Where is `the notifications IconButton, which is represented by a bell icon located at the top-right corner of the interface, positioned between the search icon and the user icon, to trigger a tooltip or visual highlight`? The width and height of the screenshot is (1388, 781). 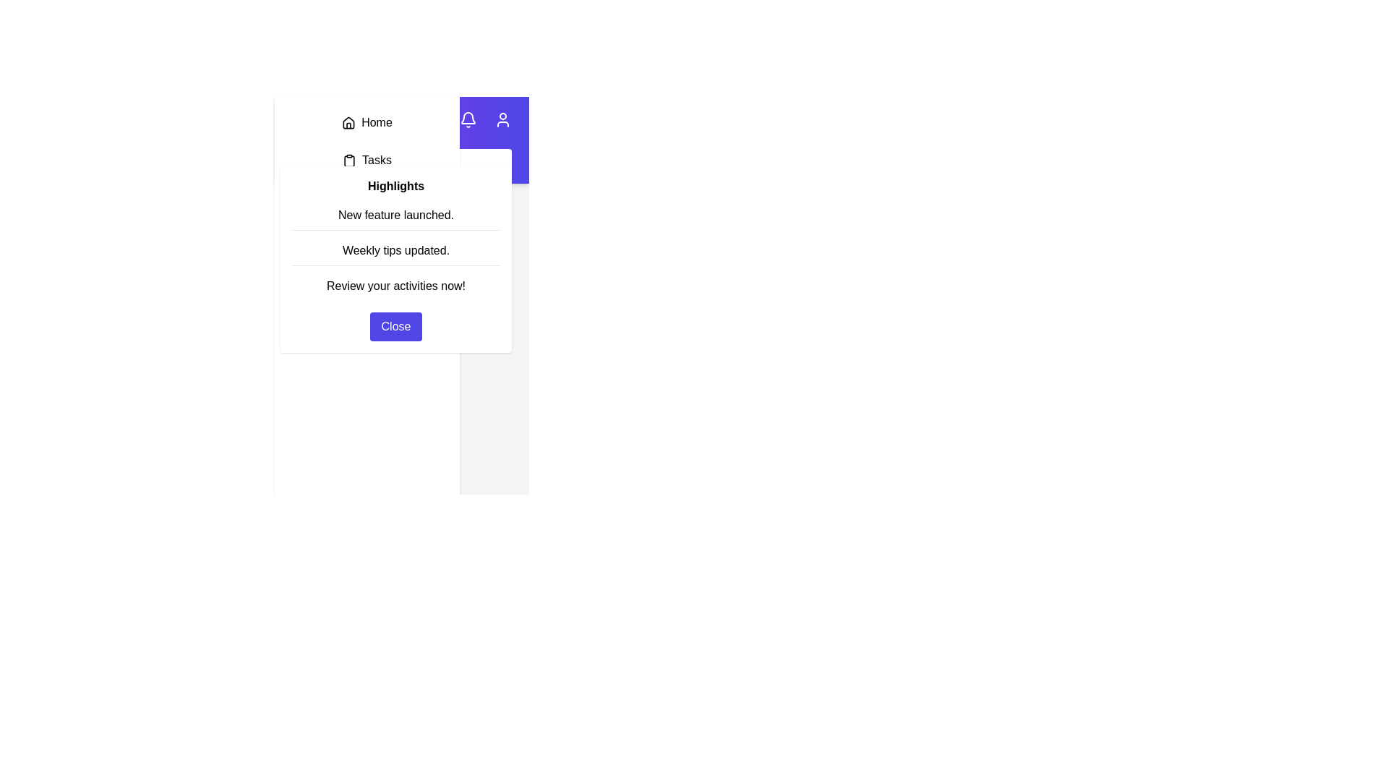 the notifications IconButton, which is represented by a bell icon located at the top-right corner of the interface, positioned between the search icon and the user icon, to trigger a tooltip or visual highlight is located at coordinates (468, 119).